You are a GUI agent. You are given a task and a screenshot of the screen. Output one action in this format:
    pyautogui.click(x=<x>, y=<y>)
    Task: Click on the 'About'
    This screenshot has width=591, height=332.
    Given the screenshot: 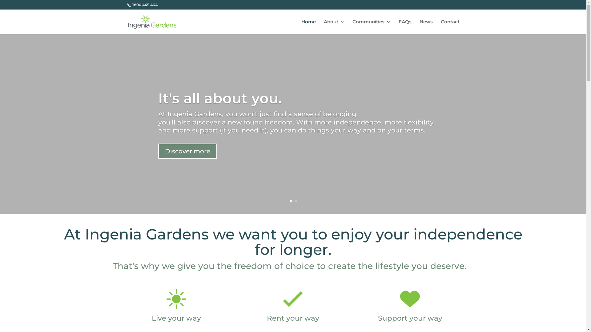 What is the action you would take?
    pyautogui.click(x=334, y=26)
    